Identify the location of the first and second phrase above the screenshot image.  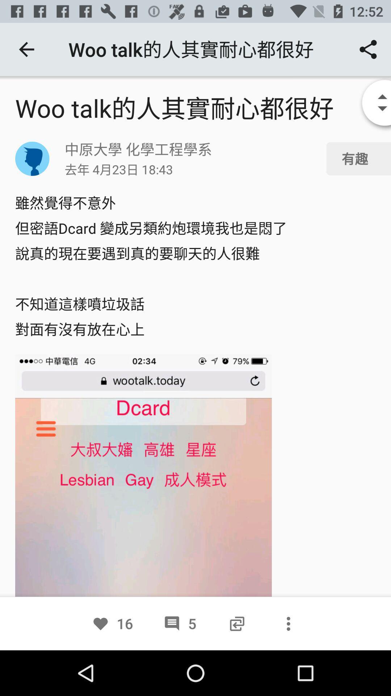
(195, 266).